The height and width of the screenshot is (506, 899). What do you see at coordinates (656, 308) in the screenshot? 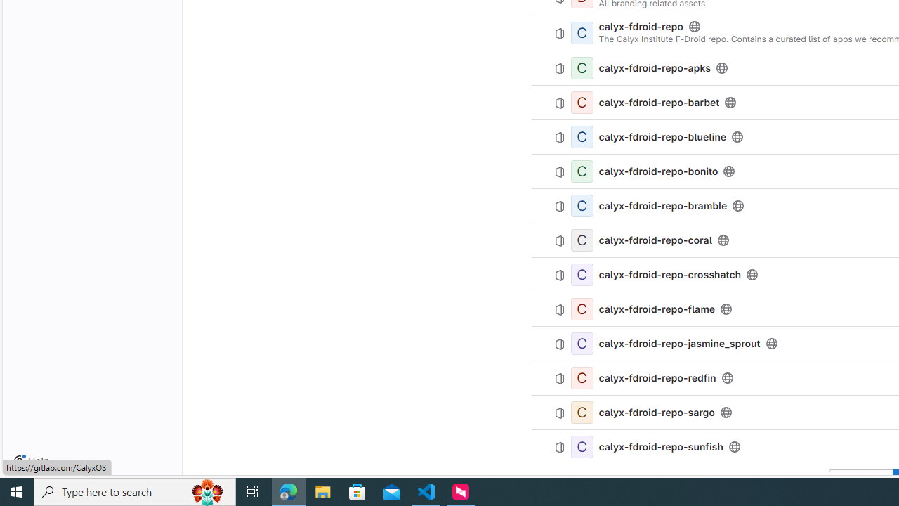
I see `'calyx-fdroid-repo-flame'` at bounding box center [656, 308].